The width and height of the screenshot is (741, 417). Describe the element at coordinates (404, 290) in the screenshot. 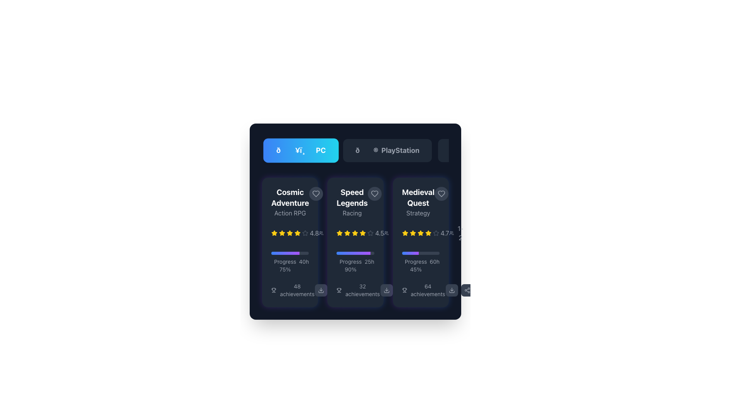

I see `the trophy icon representing achievement, located next to the '64 achievements' text in the bottom-right card of the interface` at that location.